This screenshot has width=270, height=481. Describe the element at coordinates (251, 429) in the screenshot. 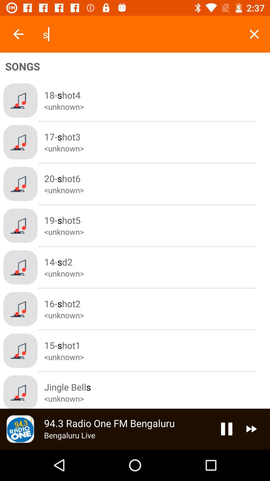

I see `the av_forward icon` at that location.